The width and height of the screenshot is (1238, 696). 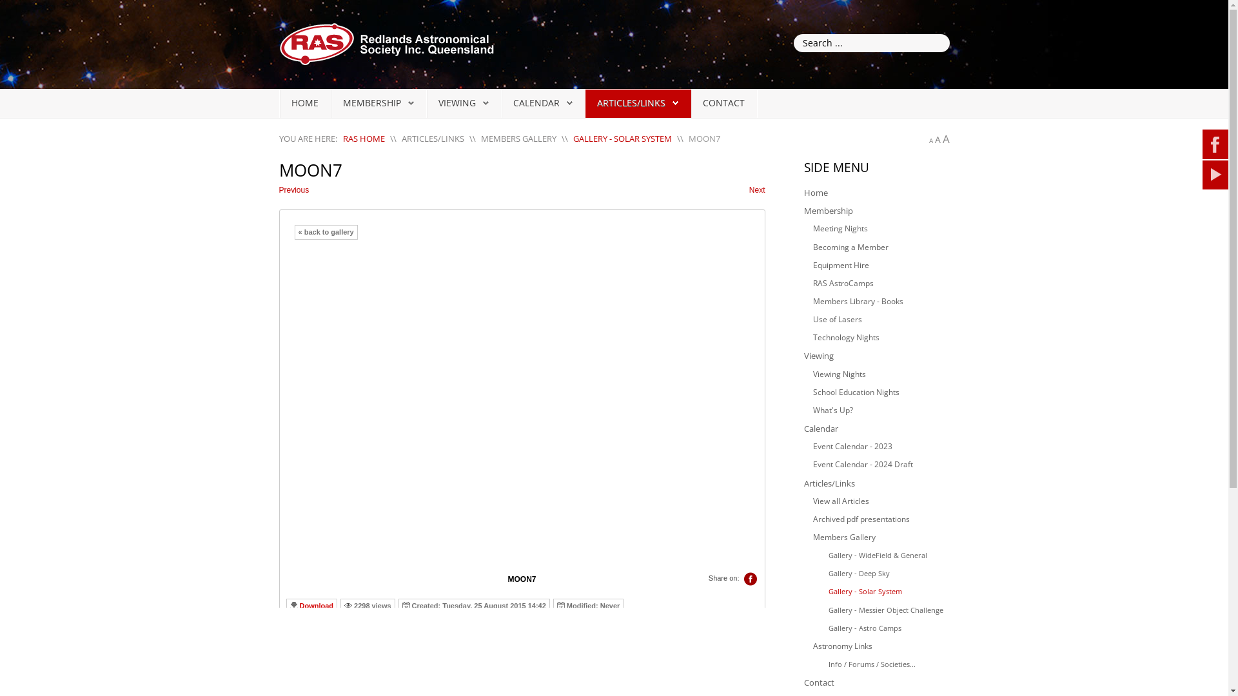 What do you see at coordinates (880, 301) in the screenshot?
I see `'Members Library - Books'` at bounding box center [880, 301].